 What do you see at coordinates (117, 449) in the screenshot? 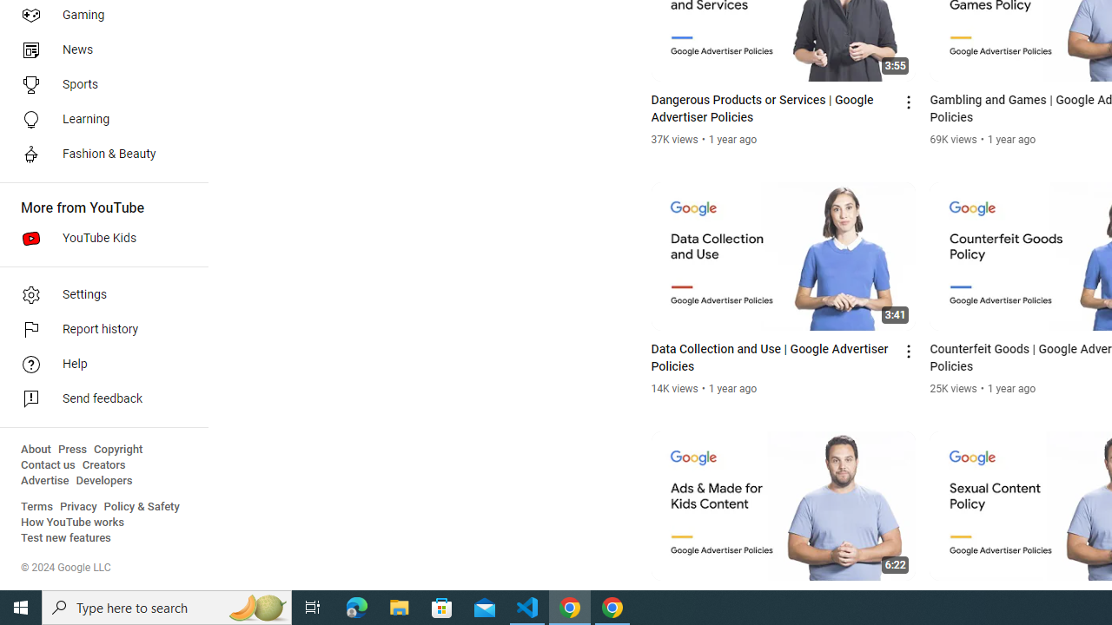
I see `'Copyright'` at bounding box center [117, 449].